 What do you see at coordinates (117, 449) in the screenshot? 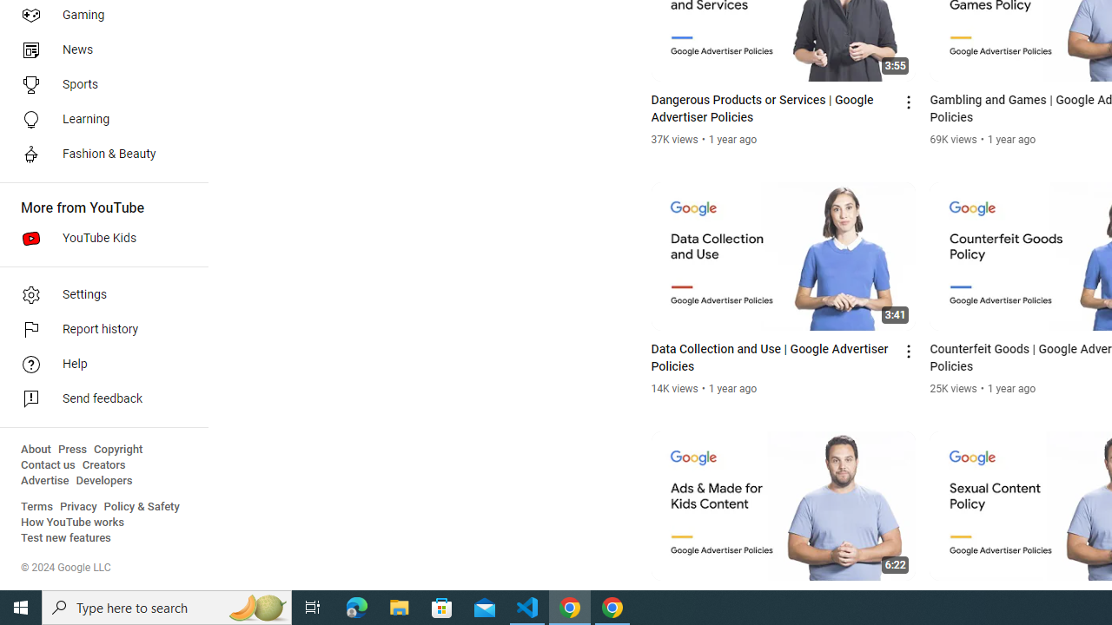
I see `'Copyright'` at bounding box center [117, 449].